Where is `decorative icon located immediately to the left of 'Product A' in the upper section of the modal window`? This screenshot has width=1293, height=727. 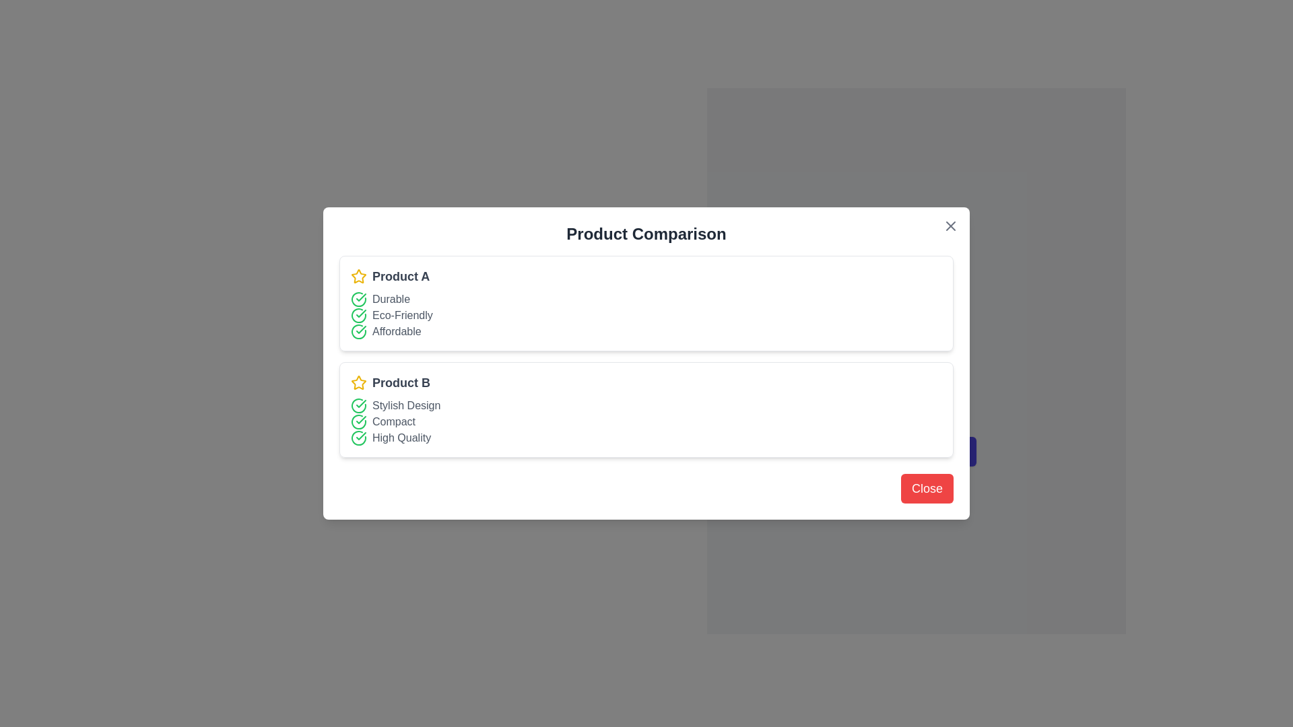
decorative icon located immediately to the left of 'Product A' in the upper section of the modal window is located at coordinates (358, 276).